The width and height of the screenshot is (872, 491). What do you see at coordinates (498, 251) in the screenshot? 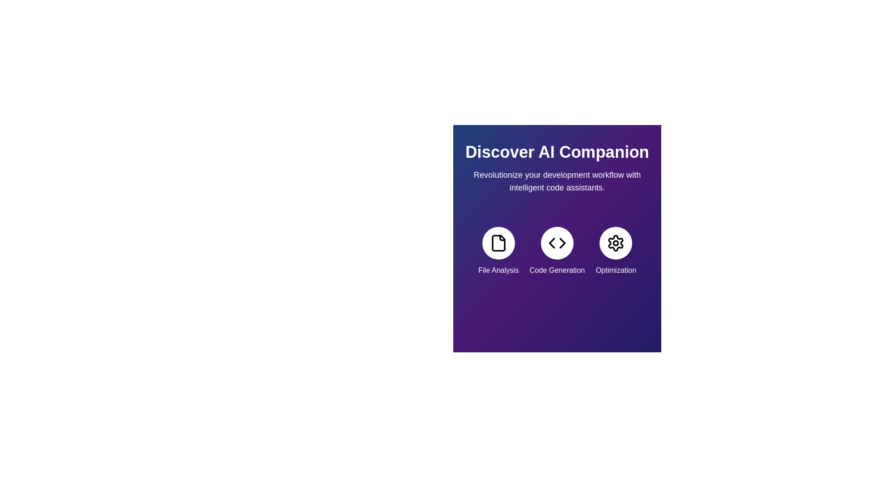
I see `the 'File Analysis' icon in the leftmost position of the menu` at bounding box center [498, 251].